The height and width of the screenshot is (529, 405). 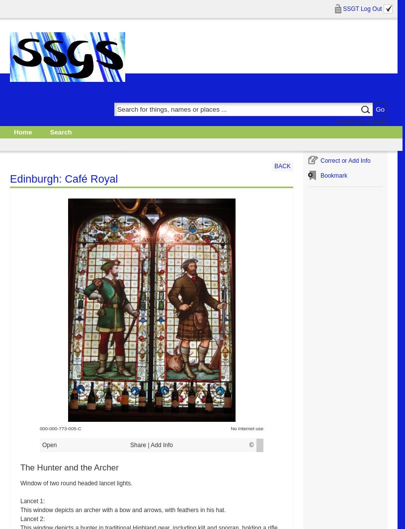 What do you see at coordinates (63, 178) in the screenshot?
I see `'Edinburgh: Café Royal'` at bounding box center [63, 178].